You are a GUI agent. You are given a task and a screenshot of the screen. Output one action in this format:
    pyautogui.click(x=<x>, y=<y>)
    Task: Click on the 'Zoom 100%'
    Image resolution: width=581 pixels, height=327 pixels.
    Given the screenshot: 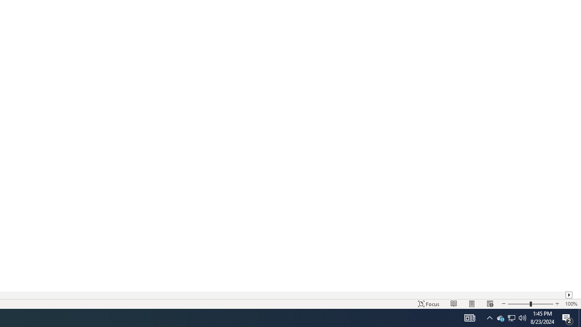 What is the action you would take?
    pyautogui.click(x=571, y=304)
    